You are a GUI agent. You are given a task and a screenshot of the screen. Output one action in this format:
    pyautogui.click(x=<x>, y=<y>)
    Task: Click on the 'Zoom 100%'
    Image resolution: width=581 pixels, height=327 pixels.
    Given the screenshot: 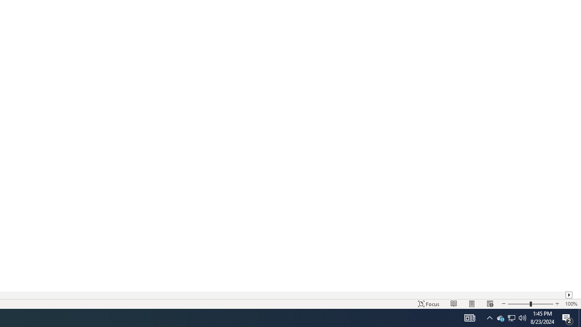 What is the action you would take?
    pyautogui.click(x=571, y=304)
    